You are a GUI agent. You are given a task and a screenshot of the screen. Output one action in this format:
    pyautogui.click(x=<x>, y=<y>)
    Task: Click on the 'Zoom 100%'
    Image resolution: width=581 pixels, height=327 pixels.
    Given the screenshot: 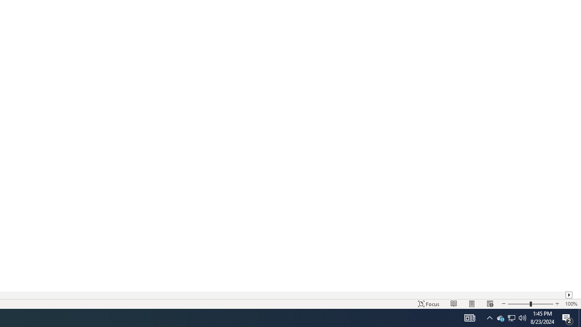 What is the action you would take?
    pyautogui.click(x=571, y=304)
    